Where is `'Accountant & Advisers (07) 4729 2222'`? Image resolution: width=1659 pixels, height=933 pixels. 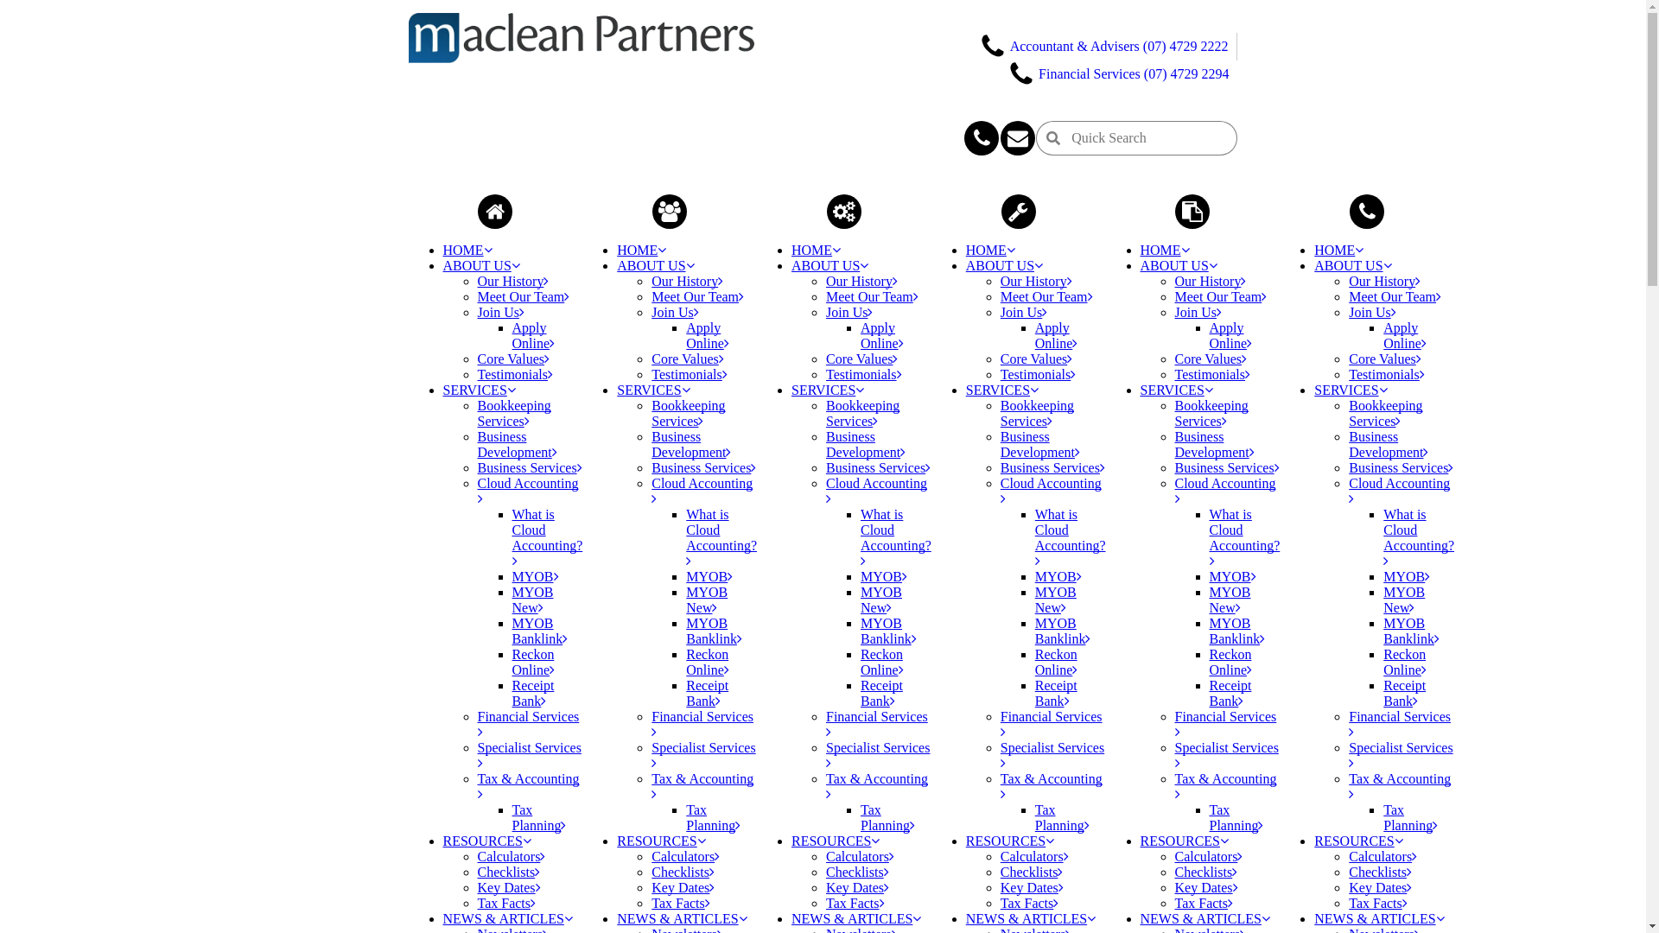 'Accountant & Advisers (07) 4729 2222' is located at coordinates (1103, 44).